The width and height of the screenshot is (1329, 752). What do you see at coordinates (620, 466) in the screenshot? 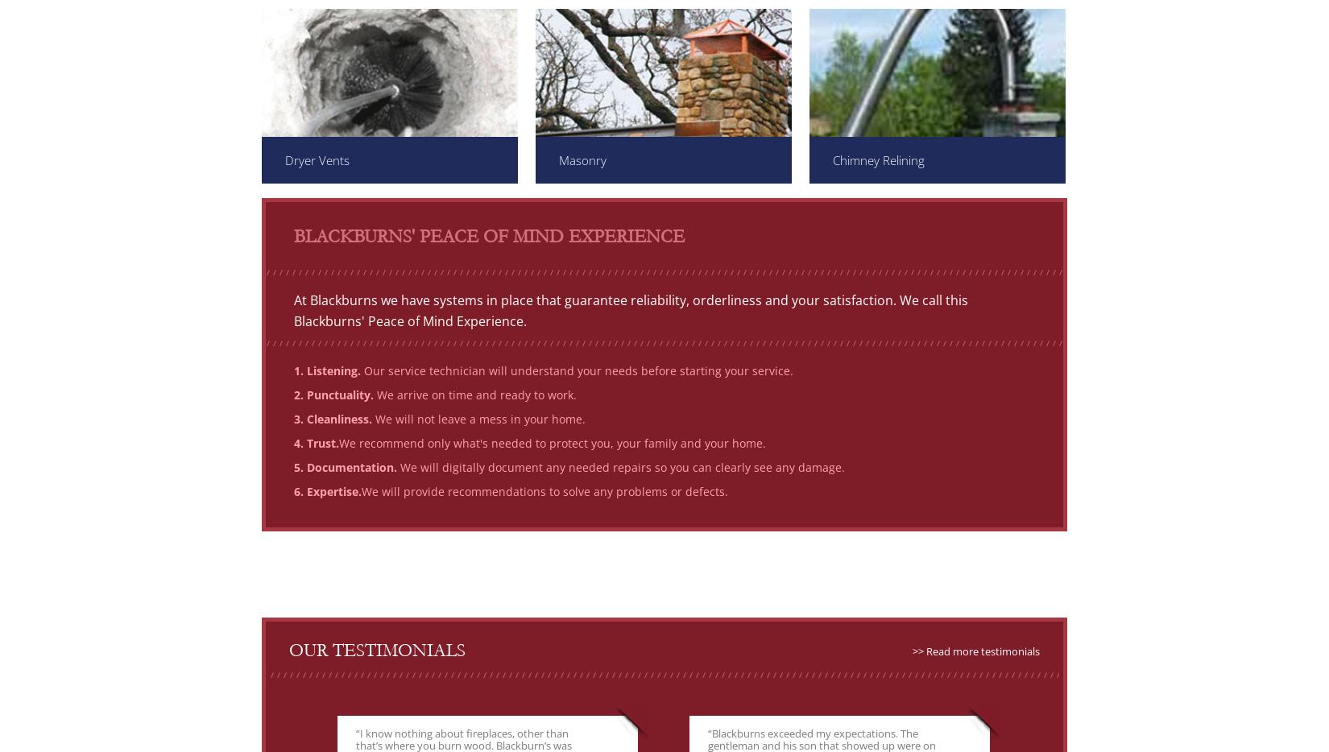
I see `'We will digitally document any needed repairs so you can clearly see any damage.'` at bounding box center [620, 466].